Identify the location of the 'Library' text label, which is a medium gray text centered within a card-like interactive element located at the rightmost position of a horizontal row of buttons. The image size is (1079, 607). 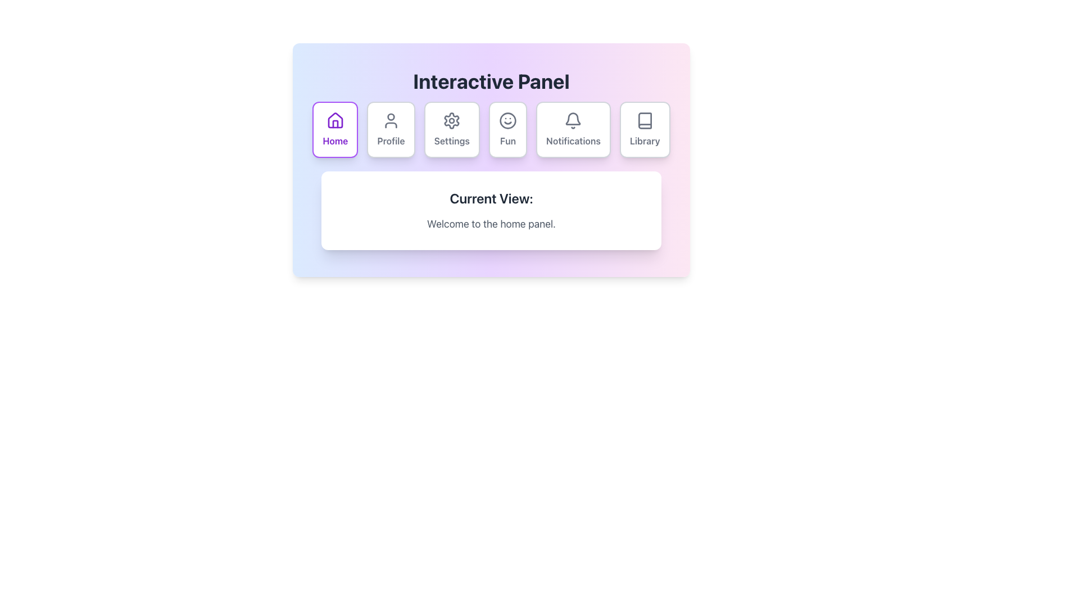
(645, 140).